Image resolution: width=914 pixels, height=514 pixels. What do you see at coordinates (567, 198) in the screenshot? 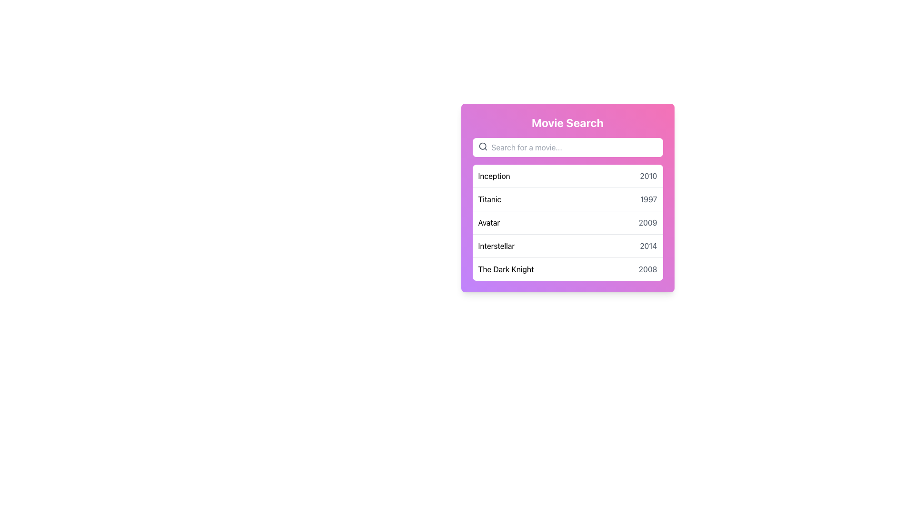
I see `the movie row displaying 'Titanic' (1997)` at bounding box center [567, 198].